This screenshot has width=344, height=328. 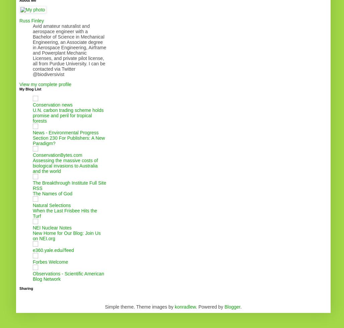 I want to click on '.', so click(x=241, y=306).